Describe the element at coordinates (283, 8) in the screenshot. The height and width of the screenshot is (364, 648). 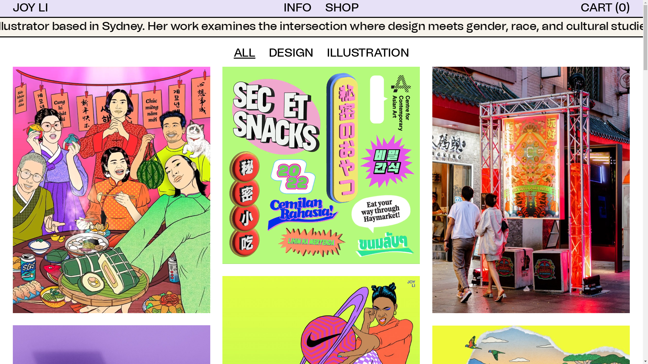
I see `'INFO'` at that location.